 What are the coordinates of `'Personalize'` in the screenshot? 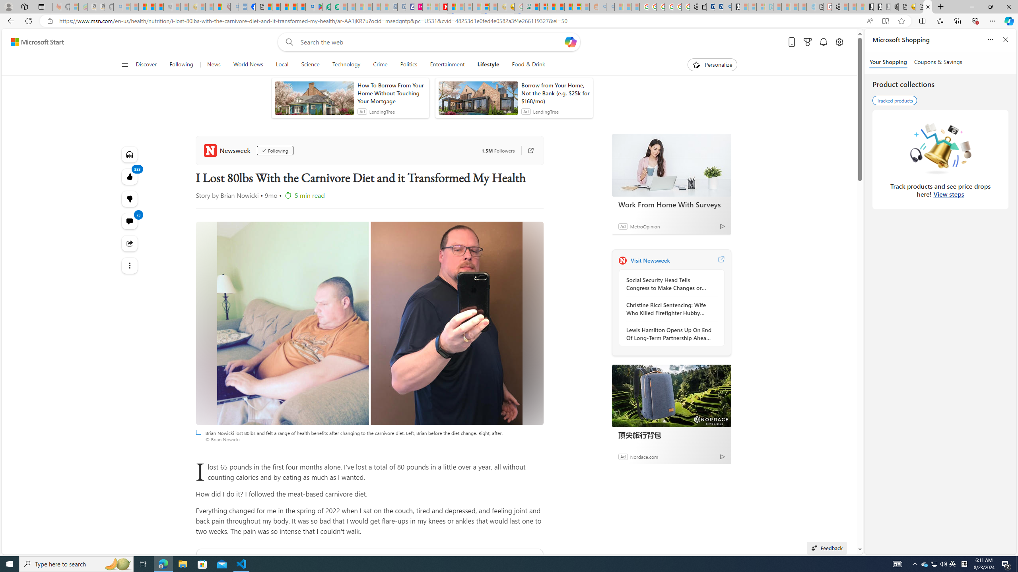 It's located at (712, 64).